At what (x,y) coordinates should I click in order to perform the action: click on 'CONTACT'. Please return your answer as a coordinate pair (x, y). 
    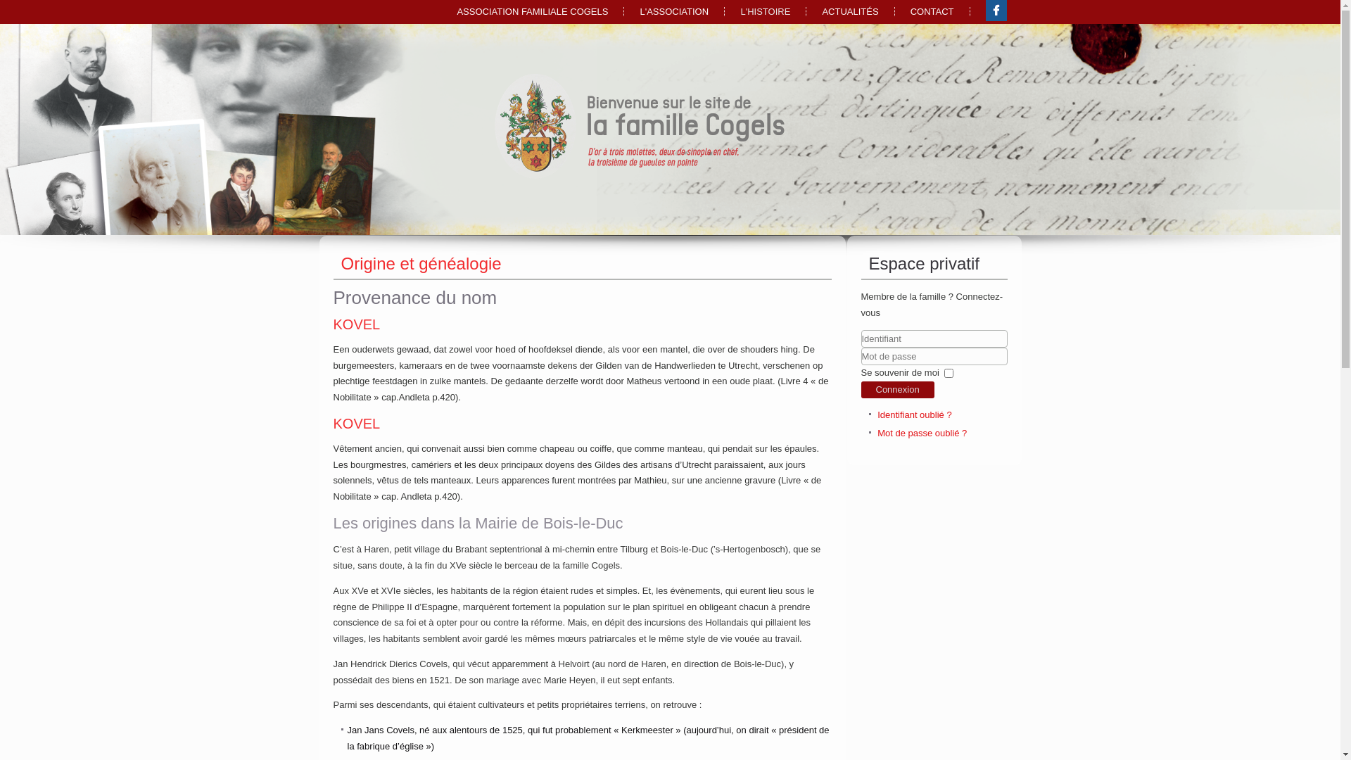
    Looking at the image, I should click on (932, 11).